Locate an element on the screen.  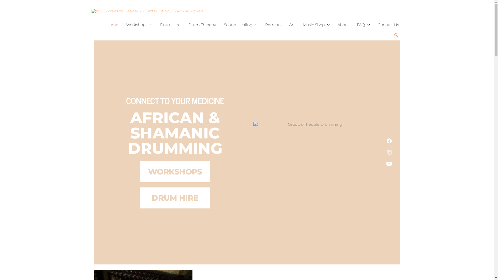
'Drum Hire' is located at coordinates (156, 25).